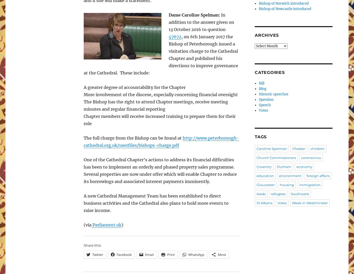 This screenshot has width=354, height=274. What do you see at coordinates (266, 35) in the screenshot?
I see `'Archives'` at bounding box center [266, 35].